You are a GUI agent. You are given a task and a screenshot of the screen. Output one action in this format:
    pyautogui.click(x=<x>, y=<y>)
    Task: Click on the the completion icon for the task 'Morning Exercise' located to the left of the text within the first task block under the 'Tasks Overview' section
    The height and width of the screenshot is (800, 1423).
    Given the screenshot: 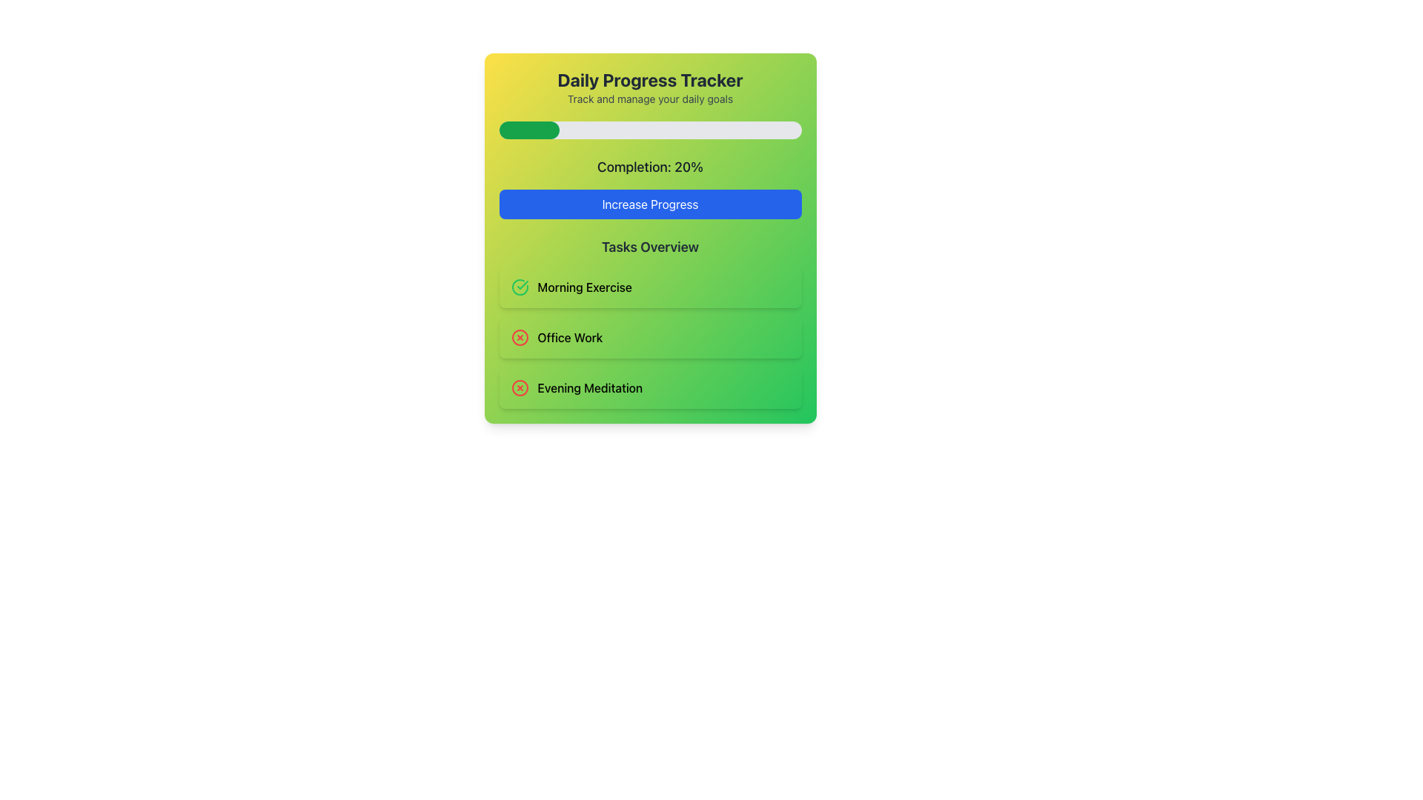 What is the action you would take?
    pyautogui.click(x=520, y=287)
    